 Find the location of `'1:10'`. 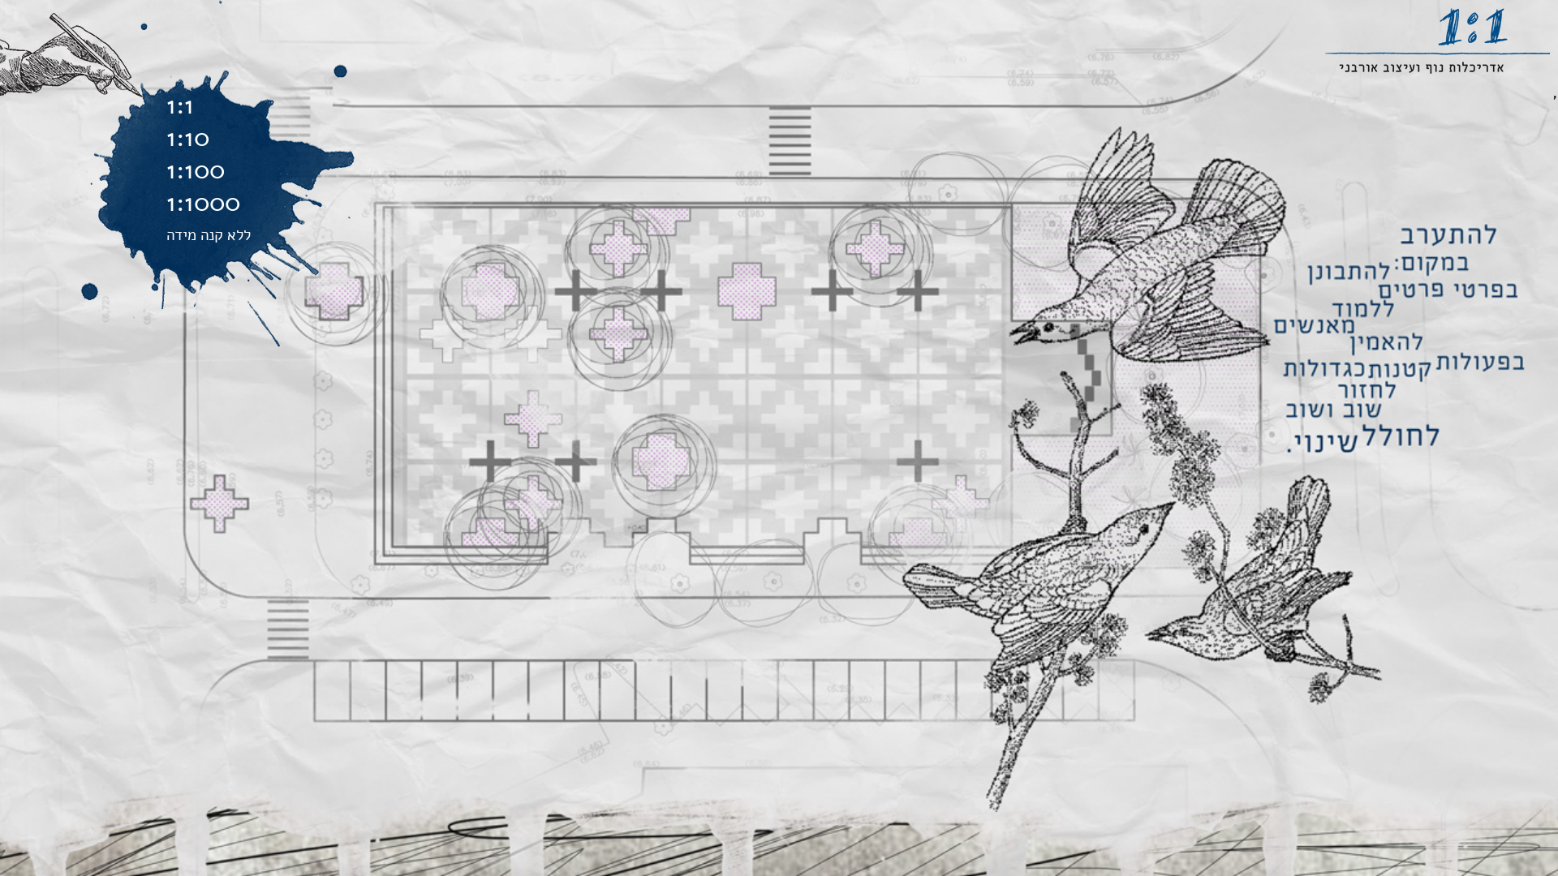

'1:10' is located at coordinates (187, 136).